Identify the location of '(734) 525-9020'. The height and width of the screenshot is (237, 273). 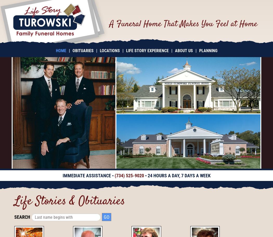
(129, 175).